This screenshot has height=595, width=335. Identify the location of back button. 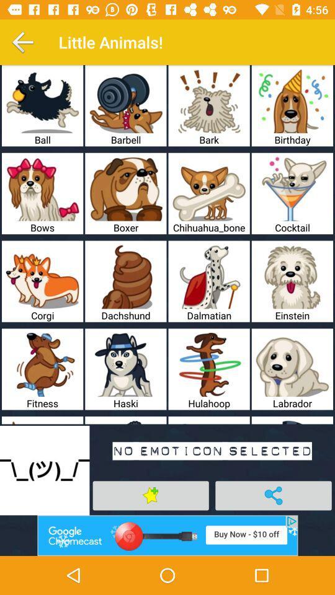
(22, 42).